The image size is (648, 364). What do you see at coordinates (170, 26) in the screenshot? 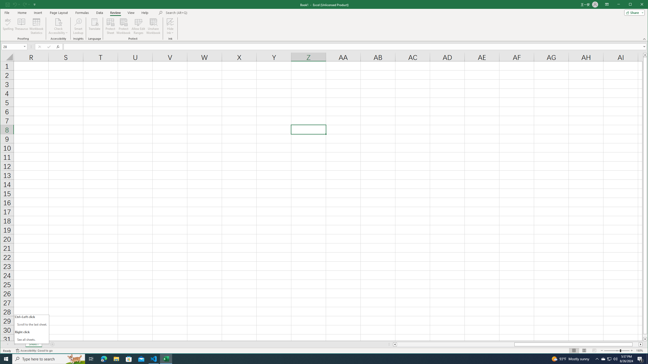
I see `'Hide Ink'` at bounding box center [170, 26].